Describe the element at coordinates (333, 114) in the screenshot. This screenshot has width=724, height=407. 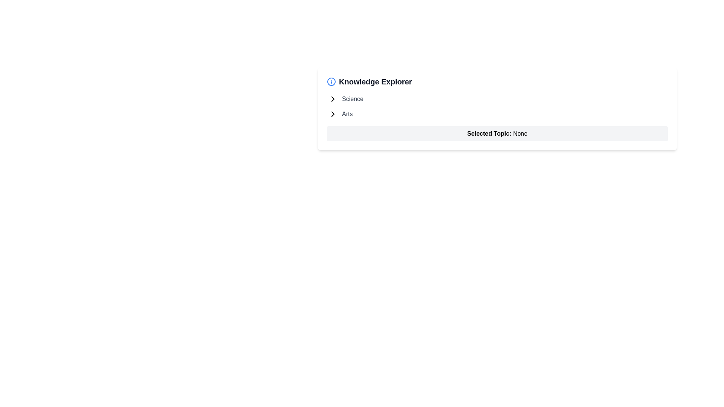
I see `the small, right-pointing chevron icon located to the left of the text 'Arts'` at that location.